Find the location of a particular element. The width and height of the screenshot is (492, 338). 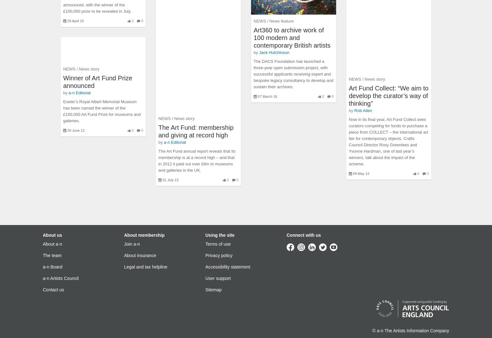

'Connect with us' is located at coordinates (303, 235).